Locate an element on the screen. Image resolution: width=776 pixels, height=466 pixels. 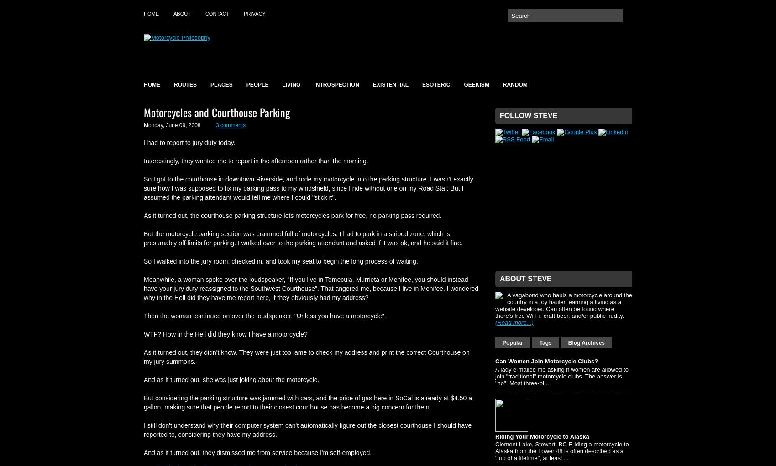
'Motorcycles and Courthouse Parking' is located at coordinates (217, 111).